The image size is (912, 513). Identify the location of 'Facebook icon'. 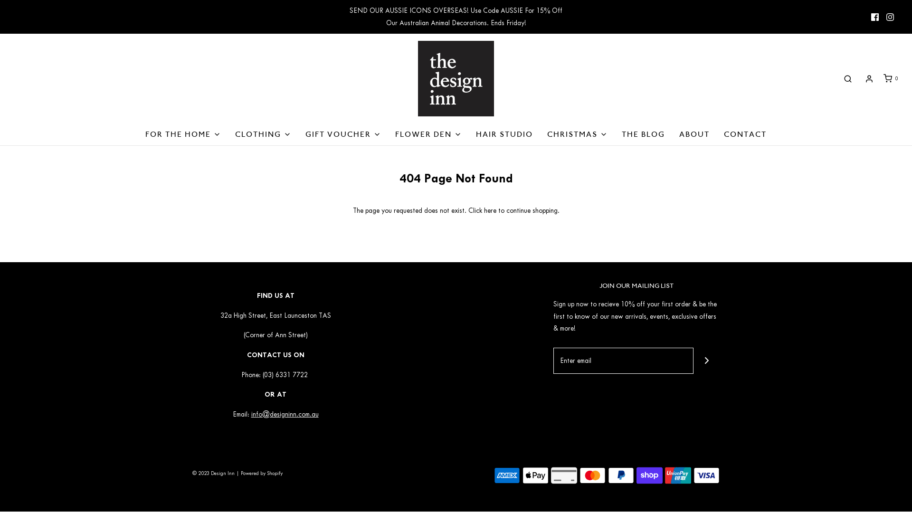
(874, 17).